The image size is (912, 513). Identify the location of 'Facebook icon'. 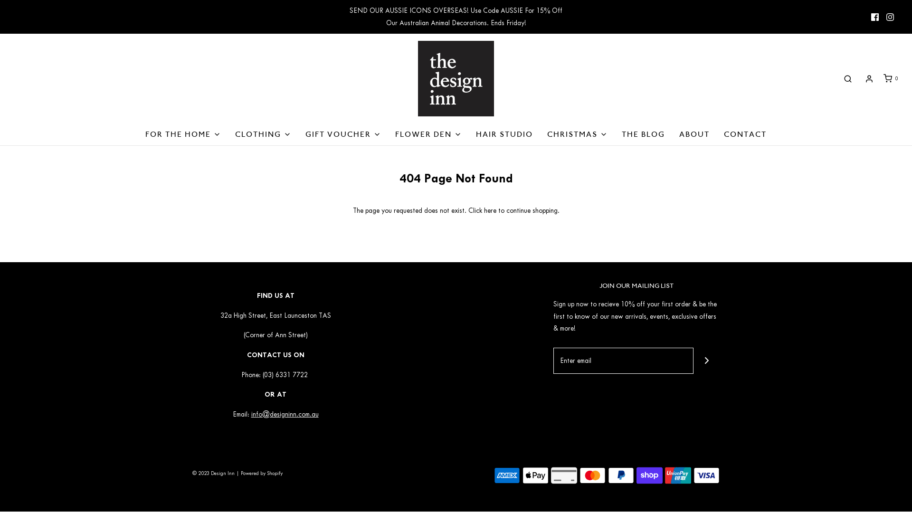
(874, 17).